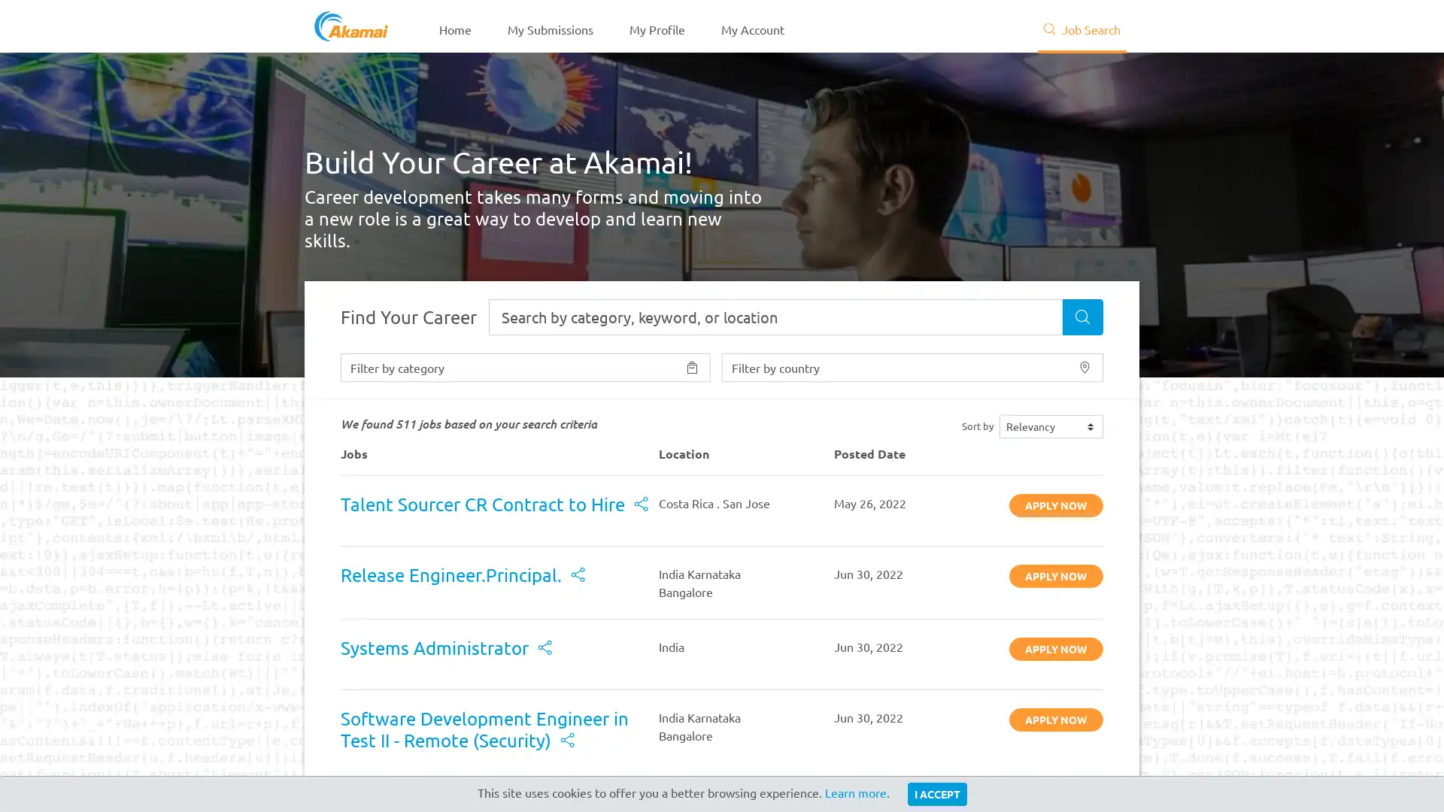 This screenshot has width=1444, height=812. What do you see at coordinates (566, 740) in the screenshot?
I see `Share Software Development Engineer in Test II - Remote (Security)` at bounding box center [566, 740].